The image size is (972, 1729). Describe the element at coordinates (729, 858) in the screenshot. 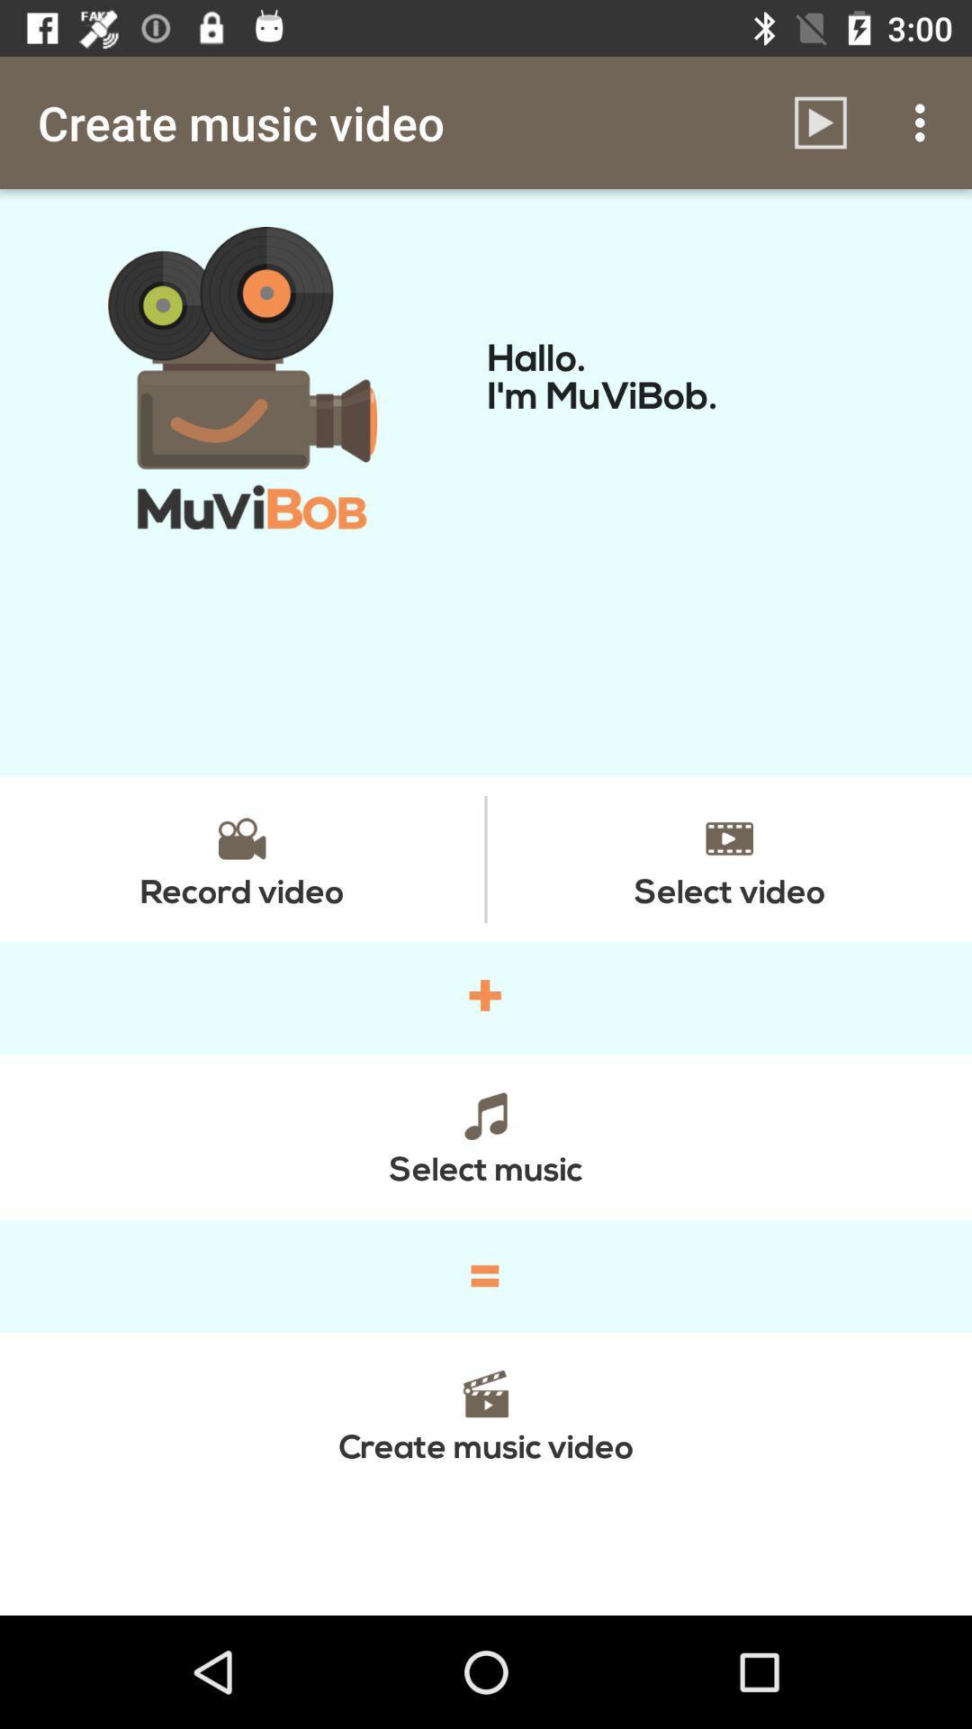

I see `the item above the + item` at that location.